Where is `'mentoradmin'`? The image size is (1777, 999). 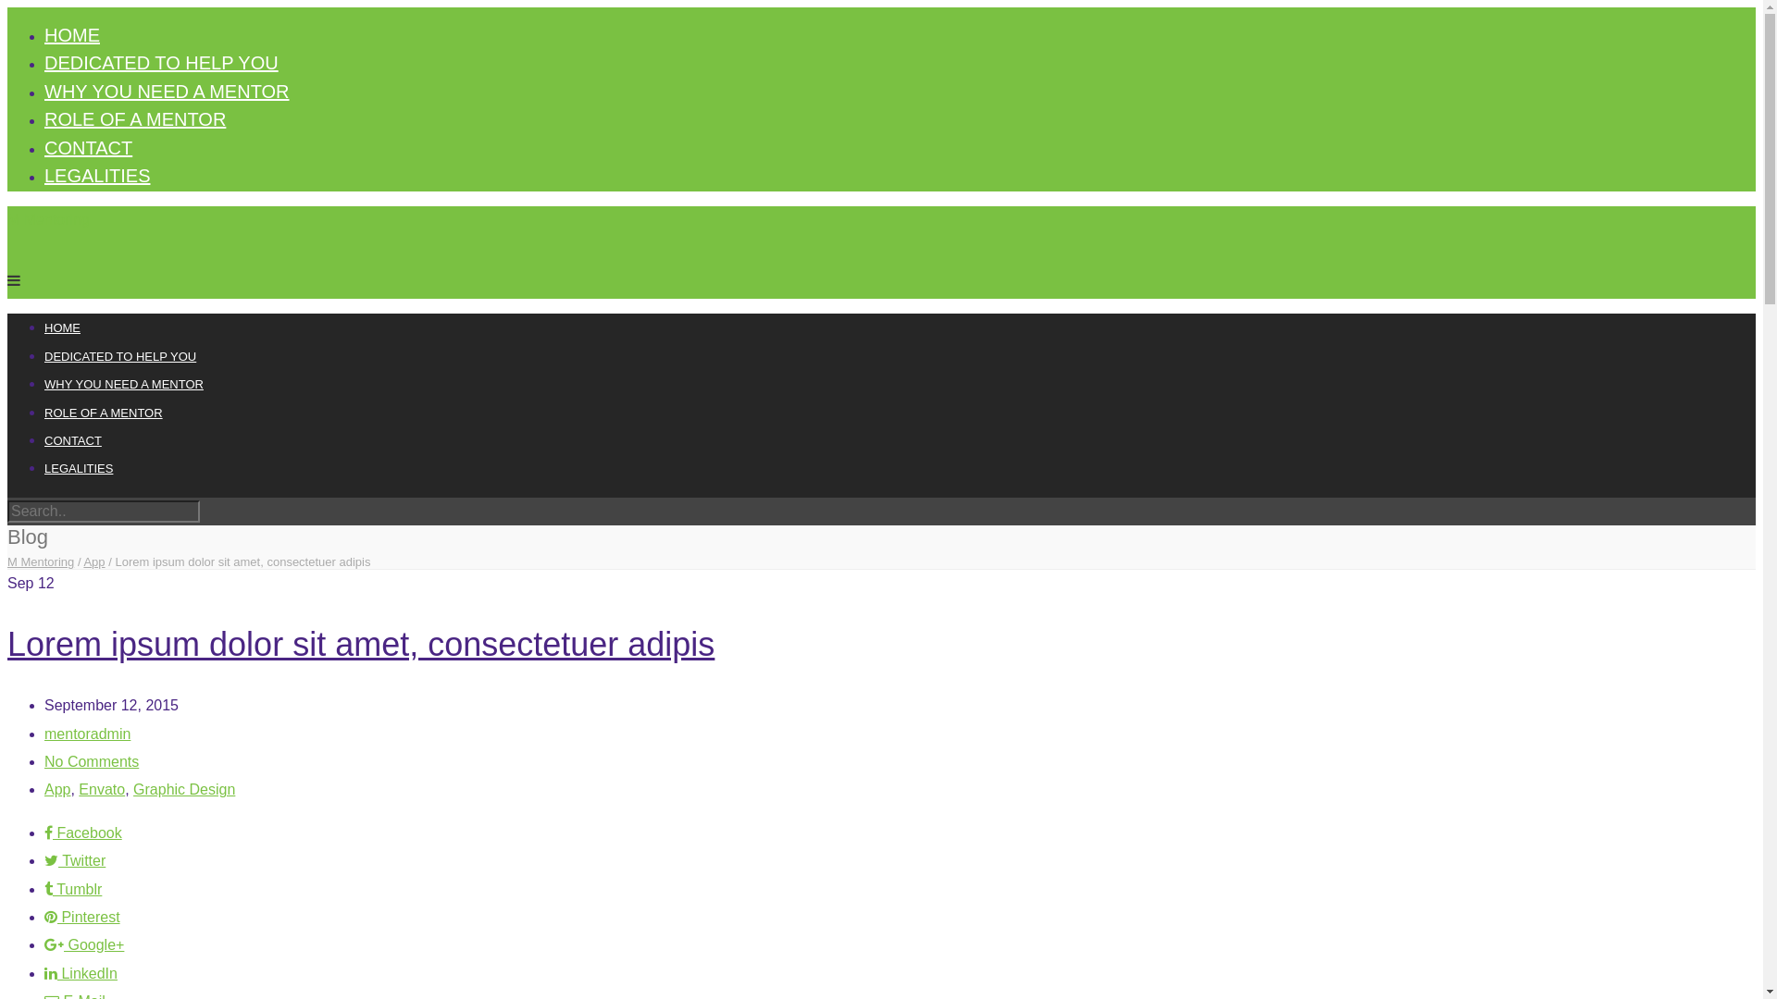
'mentoradmin' is located at coordinates (86, 733).